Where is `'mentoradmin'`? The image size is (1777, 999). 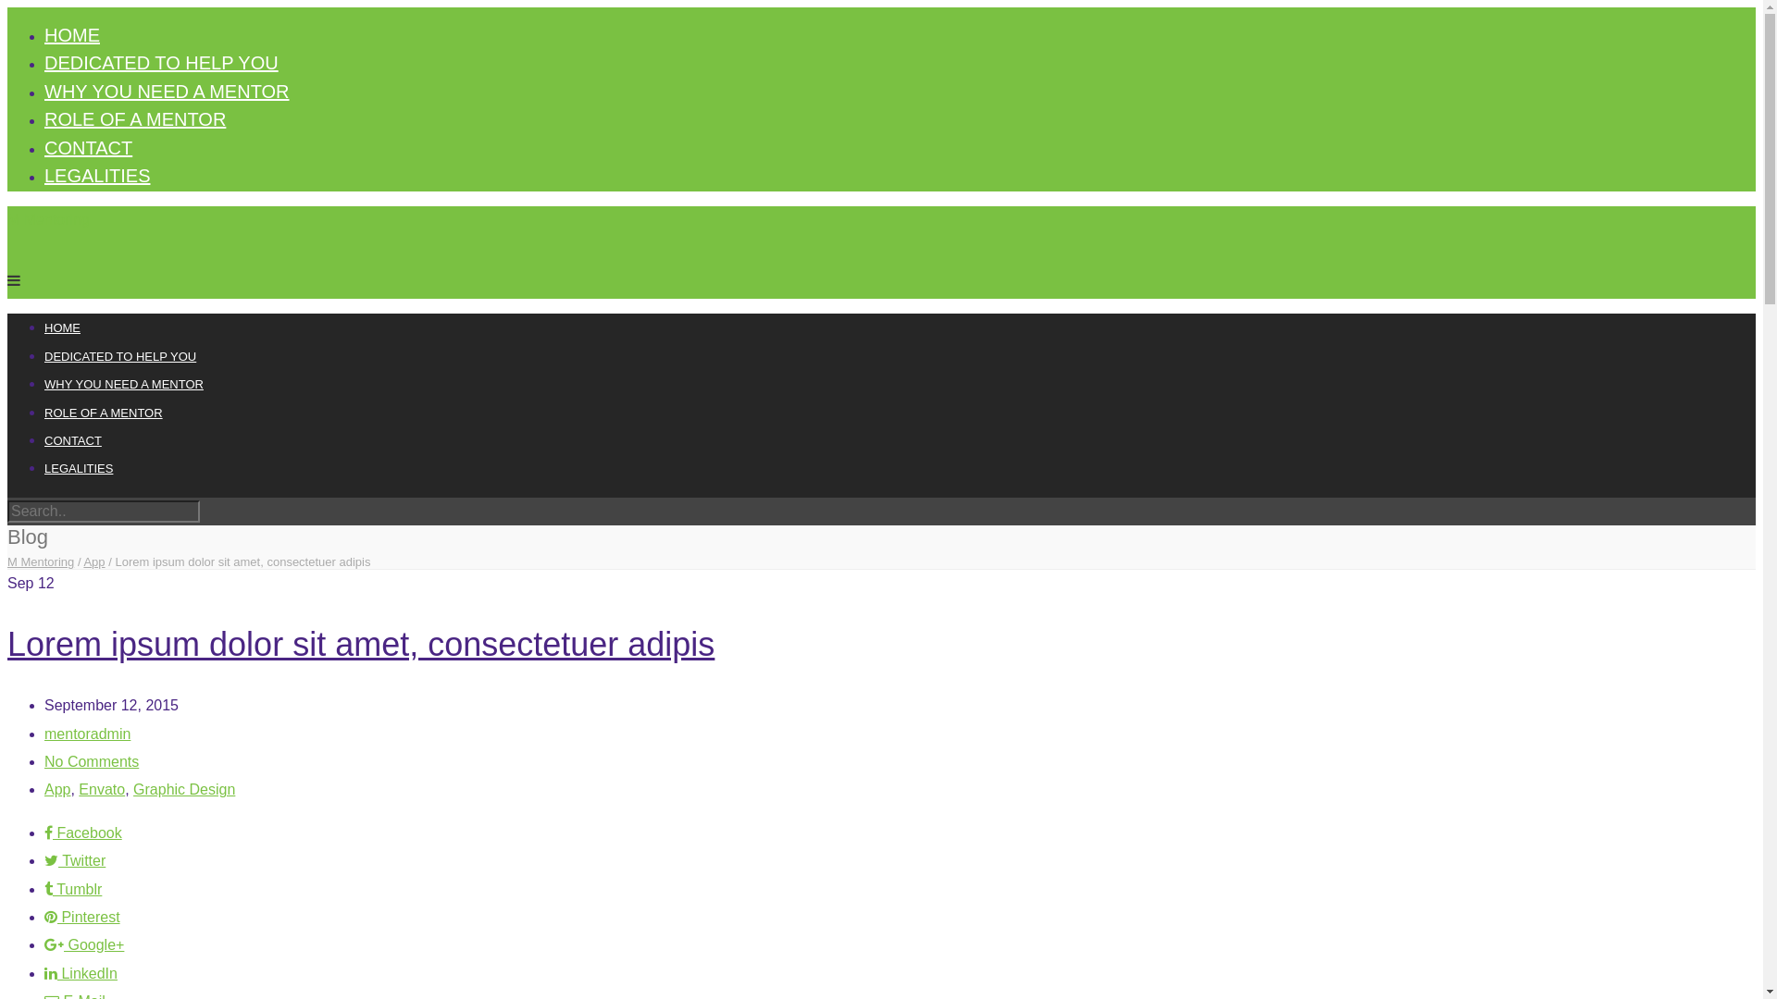
'mentoradmin' is located at coordinates (86, 733).